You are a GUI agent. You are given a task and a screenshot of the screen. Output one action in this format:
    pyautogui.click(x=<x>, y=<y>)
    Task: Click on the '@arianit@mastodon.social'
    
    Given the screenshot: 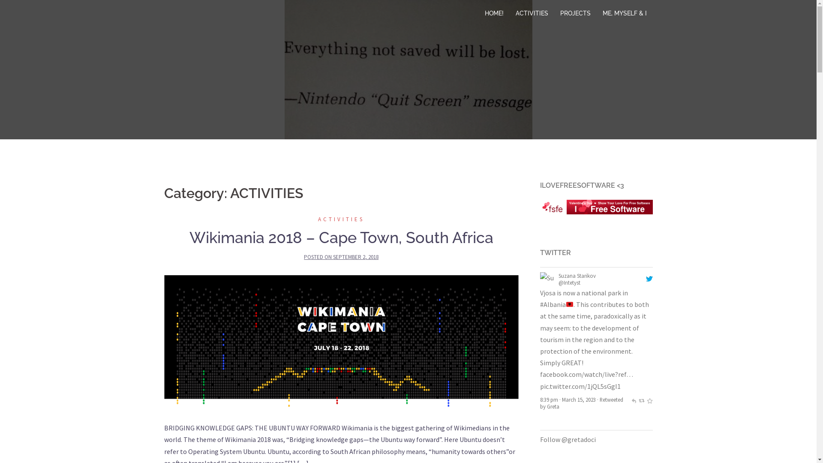 What is the action you would take?
    pyautogui.click(x=558, y=276)
    